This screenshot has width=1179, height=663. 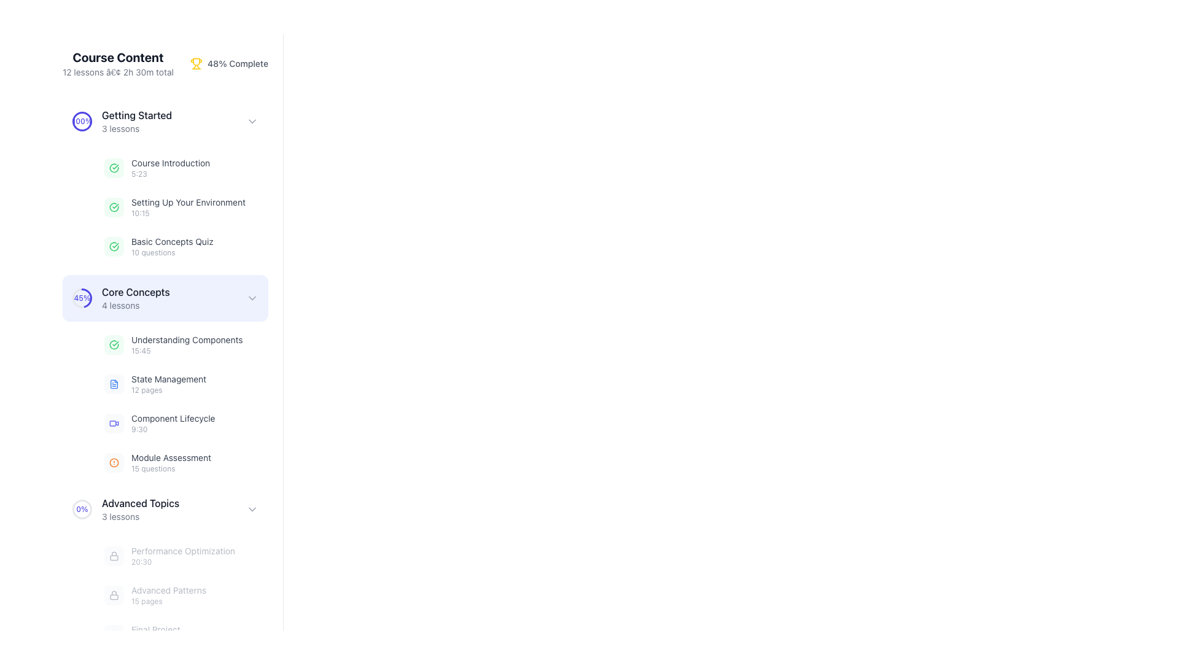 I want to click on the locked icon indicating that the 'Performance Optimization' lesson is locked and unavailable for access, located to the left of the lesson text within the 'Advanced Topics' section, so click(x=114, y=556).